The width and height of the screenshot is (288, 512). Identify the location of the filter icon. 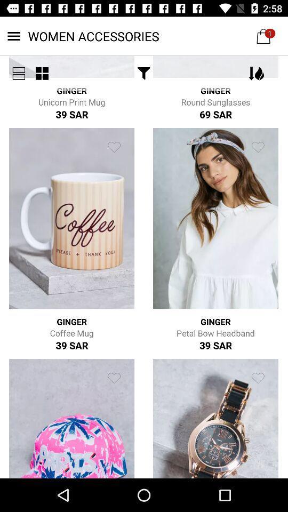
(257, 73).